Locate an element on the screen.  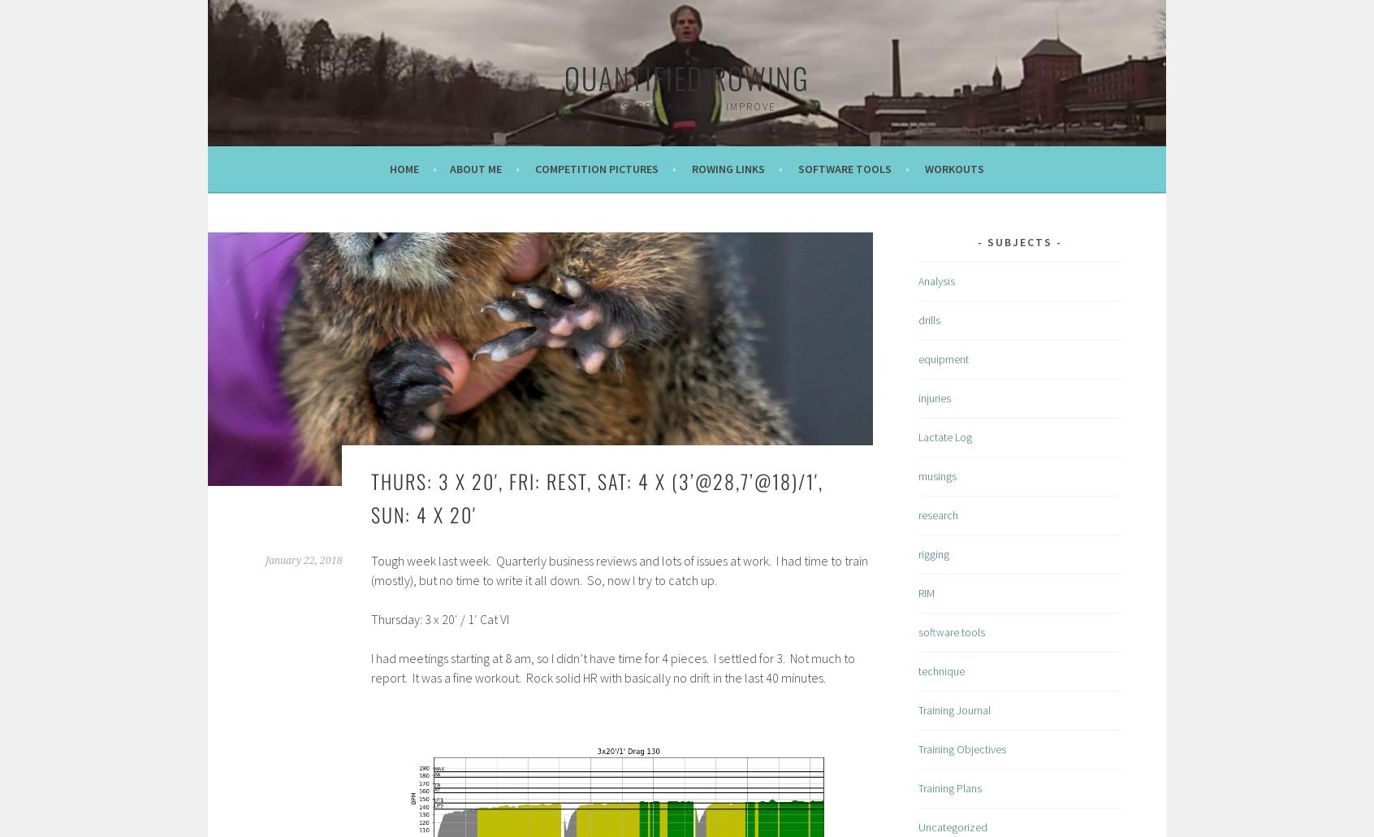
'I had meetings starting at 8 am, so I didn’t have time for 4 pieces.  I settled for 3.  Not much to report.  It was a fine workout.  Rock solid HR with basically no drift in the last 40 minutes.' is located at coordinates (611, 667).